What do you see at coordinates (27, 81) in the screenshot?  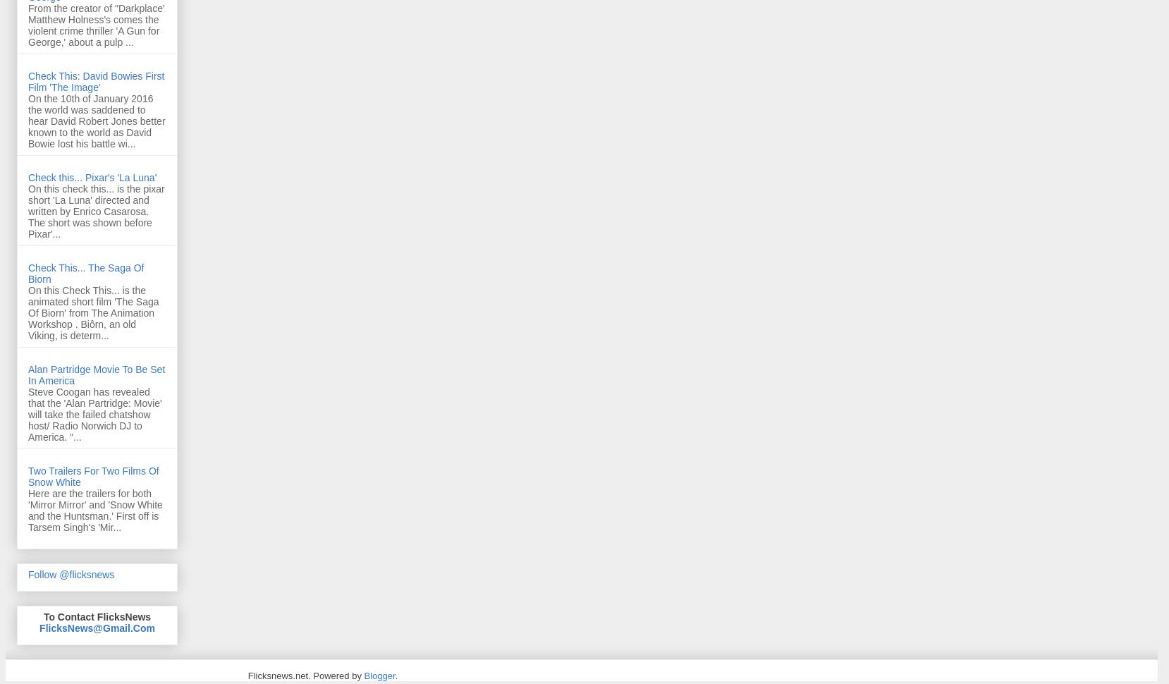 I see `'Check This: David Bowies First Film 'The Image''` at bounding box center [27, 81].